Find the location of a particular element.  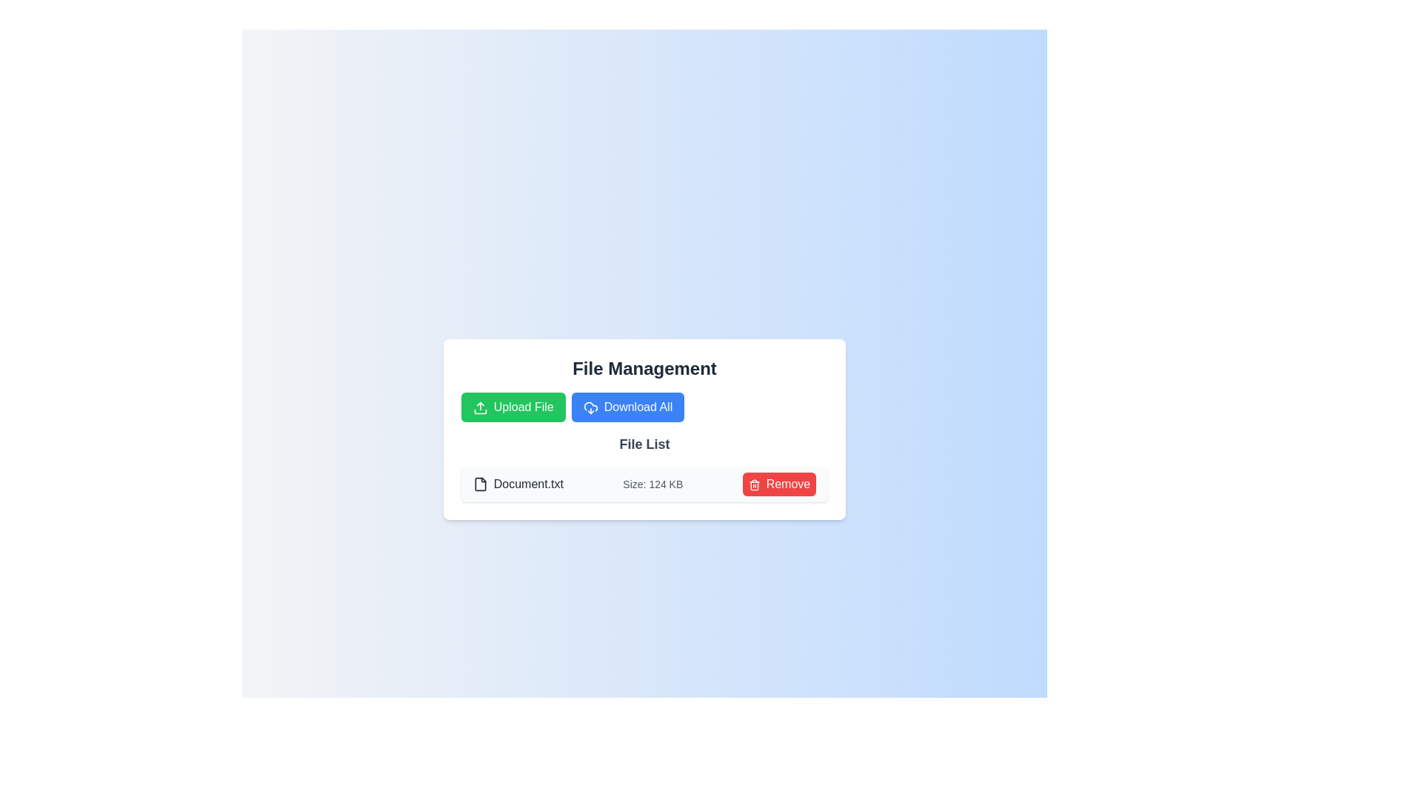

the SVG icon representing download functionality, which is located to the left of the 'Download All' text is located at coordinates (590, 407).